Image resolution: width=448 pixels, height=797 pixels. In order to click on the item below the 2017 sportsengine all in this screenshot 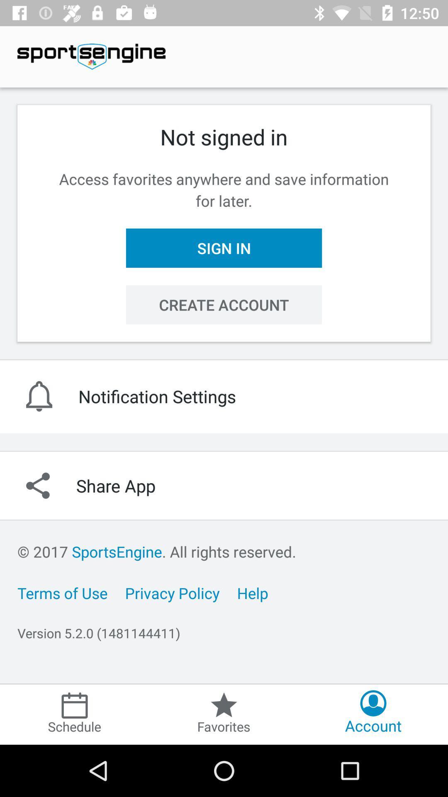, I will do `click(172, 592)`.